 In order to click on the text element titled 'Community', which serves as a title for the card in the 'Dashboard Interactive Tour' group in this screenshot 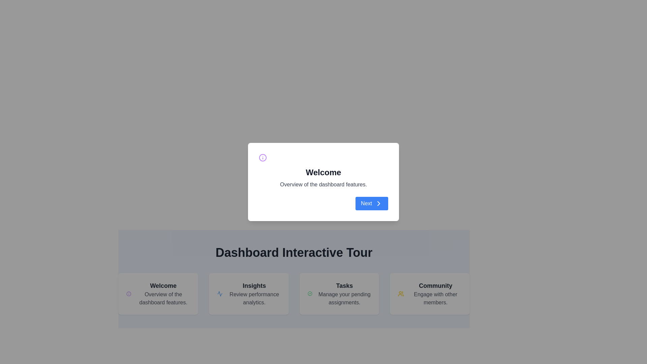, I will do `click(435, 286)`.